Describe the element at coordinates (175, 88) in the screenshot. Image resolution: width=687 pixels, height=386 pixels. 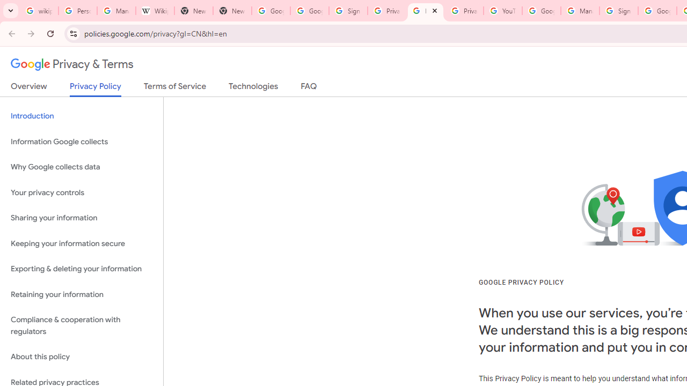
I see `'Terms of Service'` at that location.